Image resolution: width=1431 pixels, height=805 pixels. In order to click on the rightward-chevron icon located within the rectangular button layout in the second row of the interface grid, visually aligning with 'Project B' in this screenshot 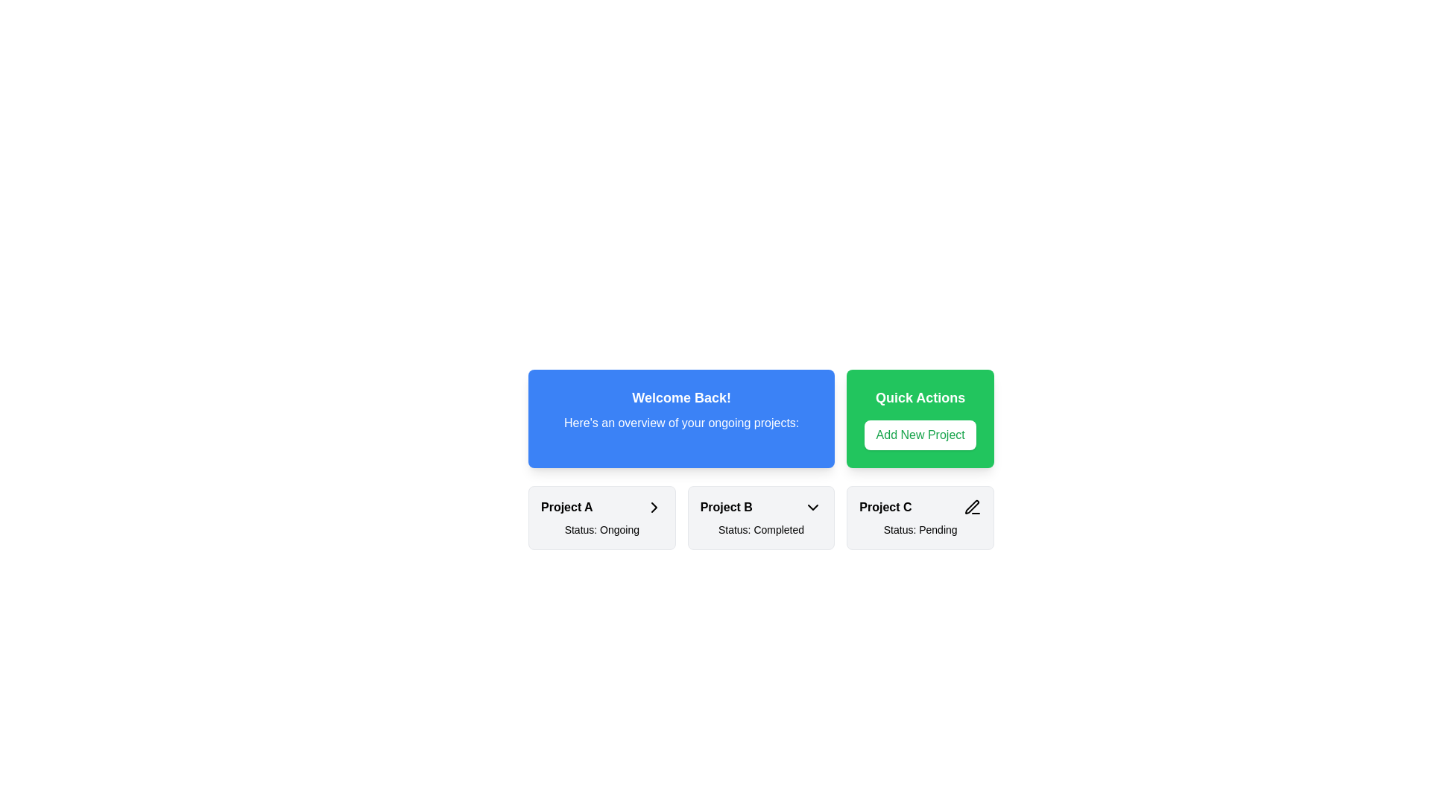, I will do `click(654, 507)`.